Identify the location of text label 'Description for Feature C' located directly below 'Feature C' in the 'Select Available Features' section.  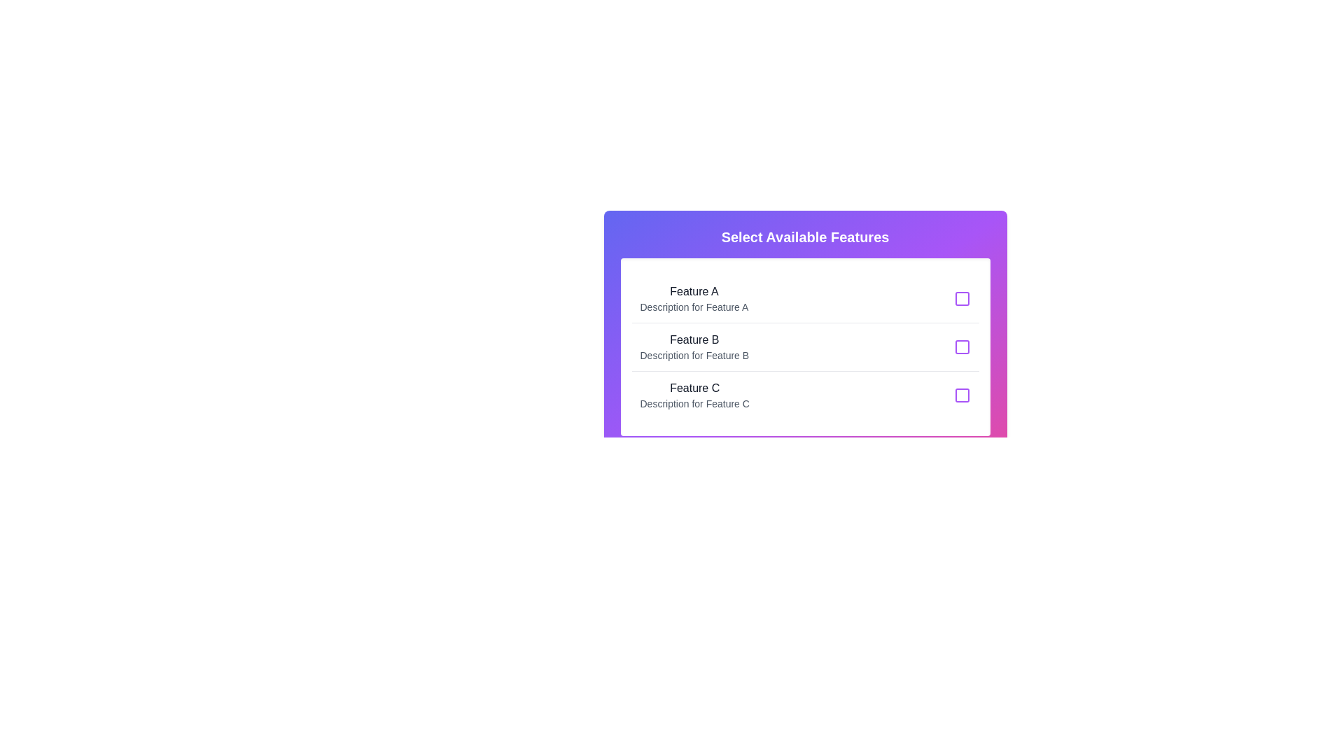
(694, 404).